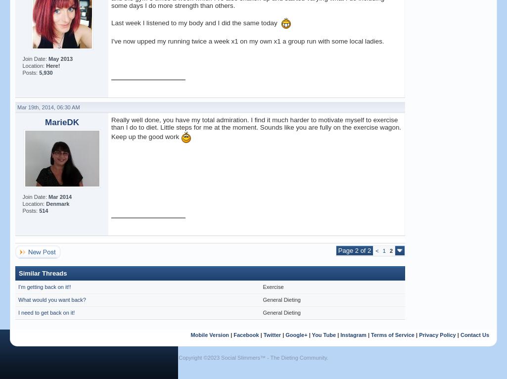 The height and width of the screenshot is (379, 507). Describe the element at coordinates (42, 273) in the screenshot. I see `'Similar Threads'` at that location.